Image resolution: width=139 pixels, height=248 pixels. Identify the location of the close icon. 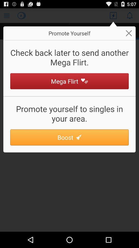
(128, 35).